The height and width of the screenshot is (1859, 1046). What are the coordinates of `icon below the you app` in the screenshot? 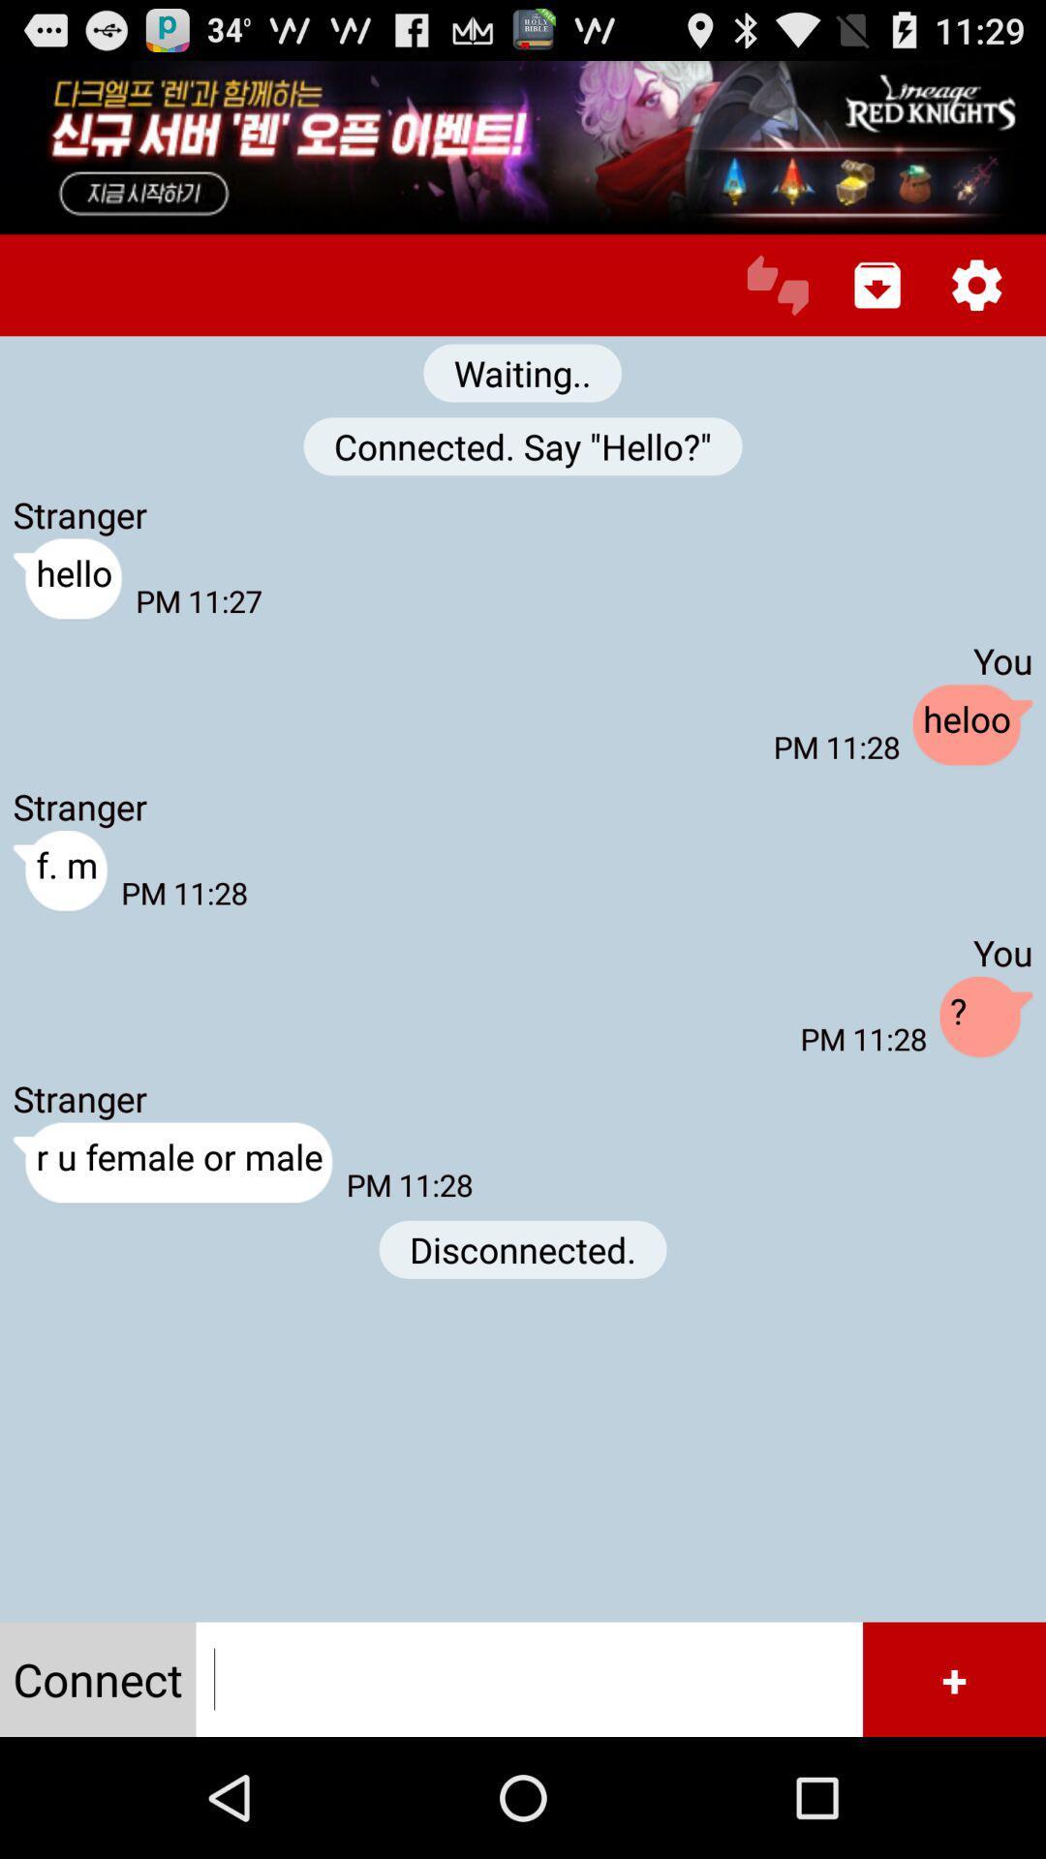 It's located at (972, 724).